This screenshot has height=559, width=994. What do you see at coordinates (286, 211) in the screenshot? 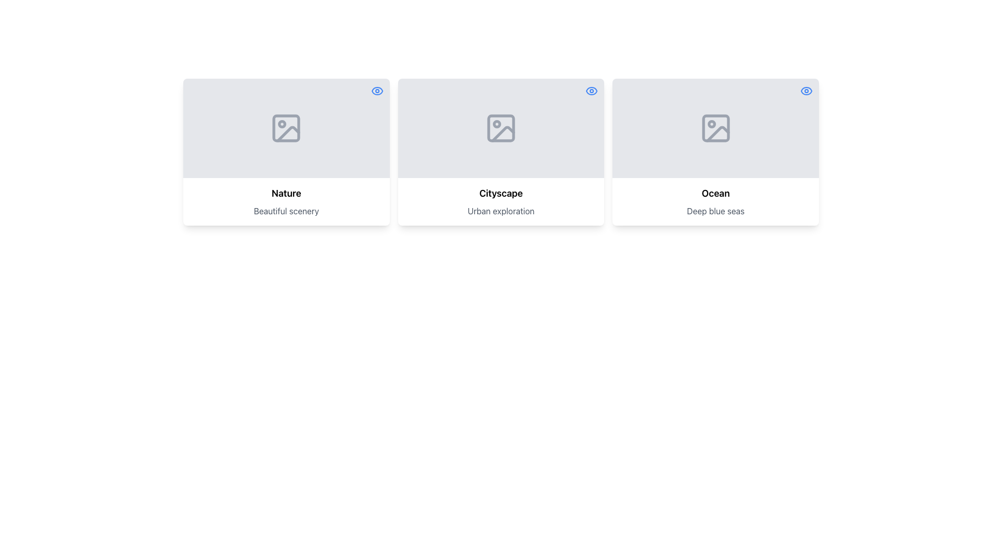
I see `the text block that provides a description or subtitle for the card beneath the main heading 'Nature' in the leftmost card of the horizontal row` at bounding box center [286, 211].